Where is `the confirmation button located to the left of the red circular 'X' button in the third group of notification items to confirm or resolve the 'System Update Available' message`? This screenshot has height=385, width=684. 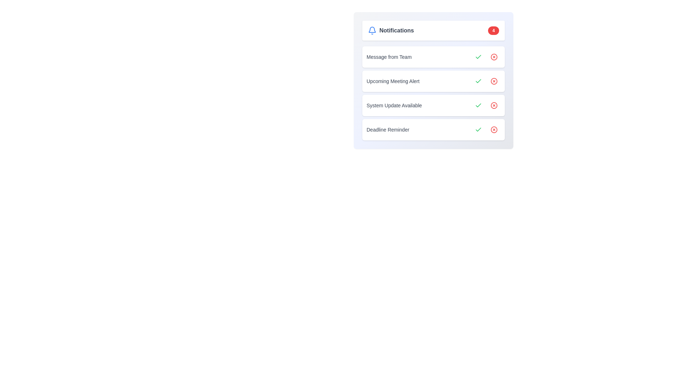 the confirmation button located to the left of the red circular 'X' button in the third group of notification items to confirm or resolve the 'System Update Available' message is located at coordinates (478, 106).